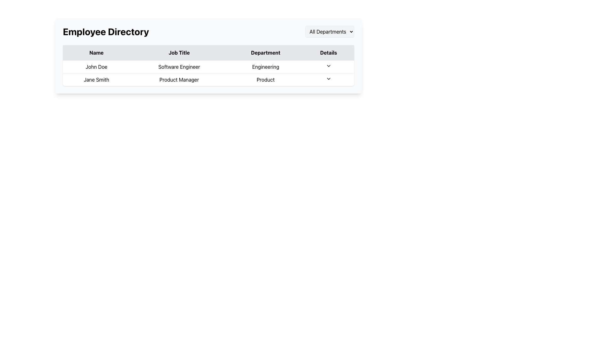 This screenshot has width=604, height=339. I want to click on the downward-pointing chevron icon in the 'Details' column of the second row (Product Manager) in the 'Employee Directory' table, so click(328, 78).